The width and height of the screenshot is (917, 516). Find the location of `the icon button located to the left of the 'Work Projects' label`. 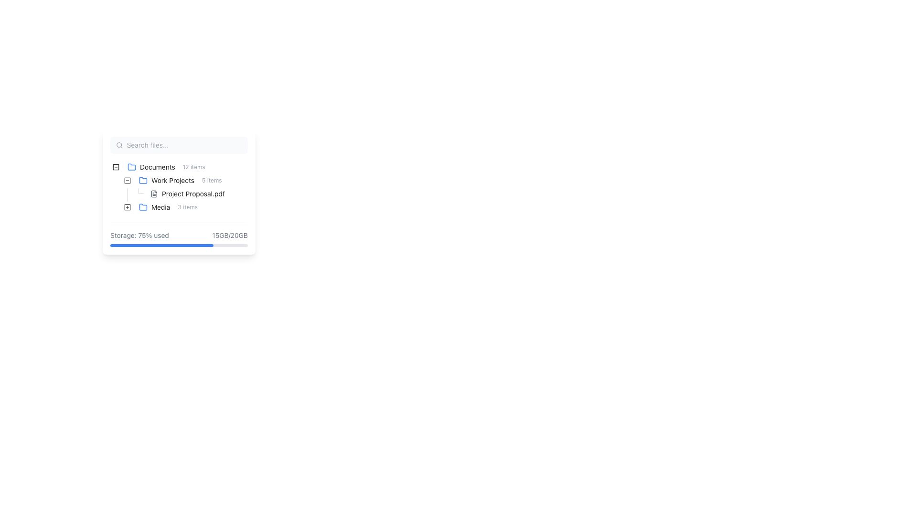

the icon button located to the left of the 'Work Projects' label is located at coordinates (127, 181).